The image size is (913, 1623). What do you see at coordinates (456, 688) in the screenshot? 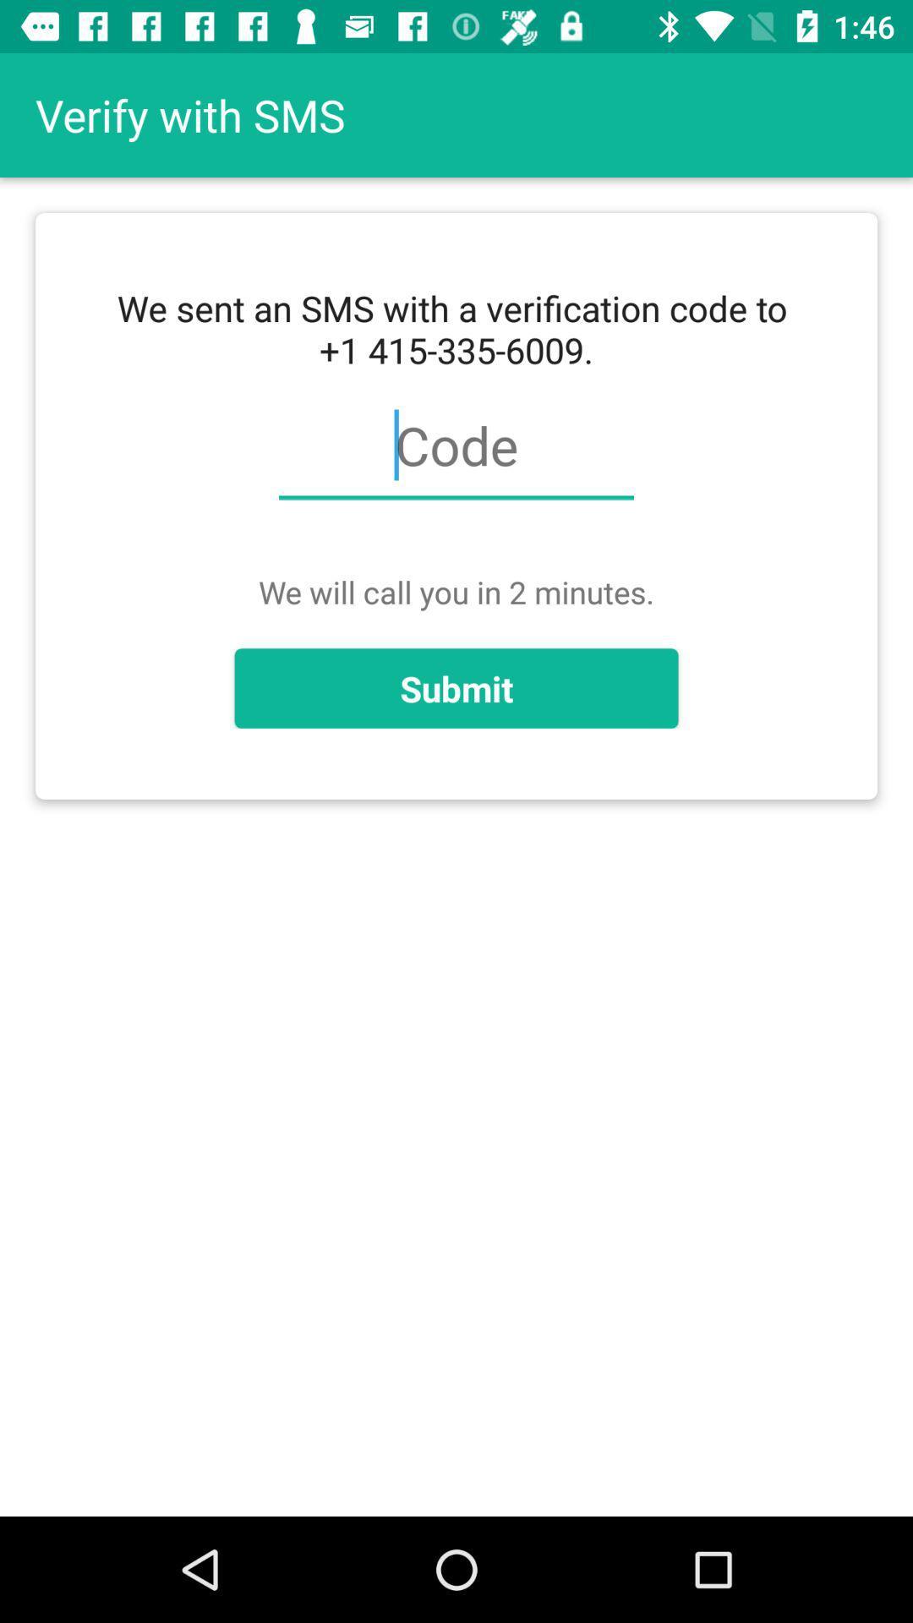
I see `the submit` at bounding box center [456, 688].